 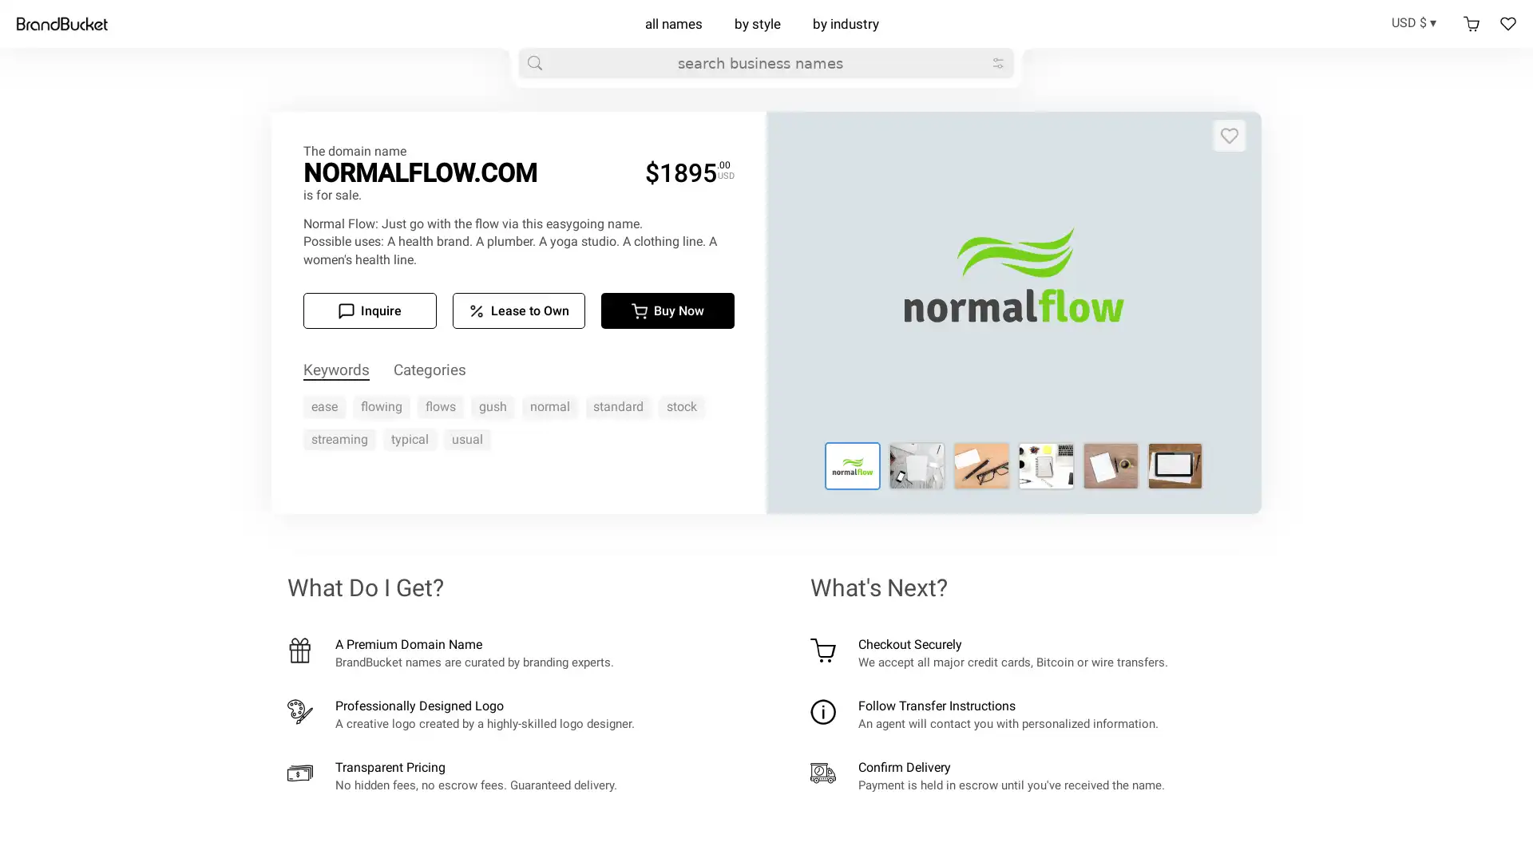 What do you see at coordinates (1507, 24) in the screenshot?
I see `Favorites Favorites` at bounding box center [1507, 24].